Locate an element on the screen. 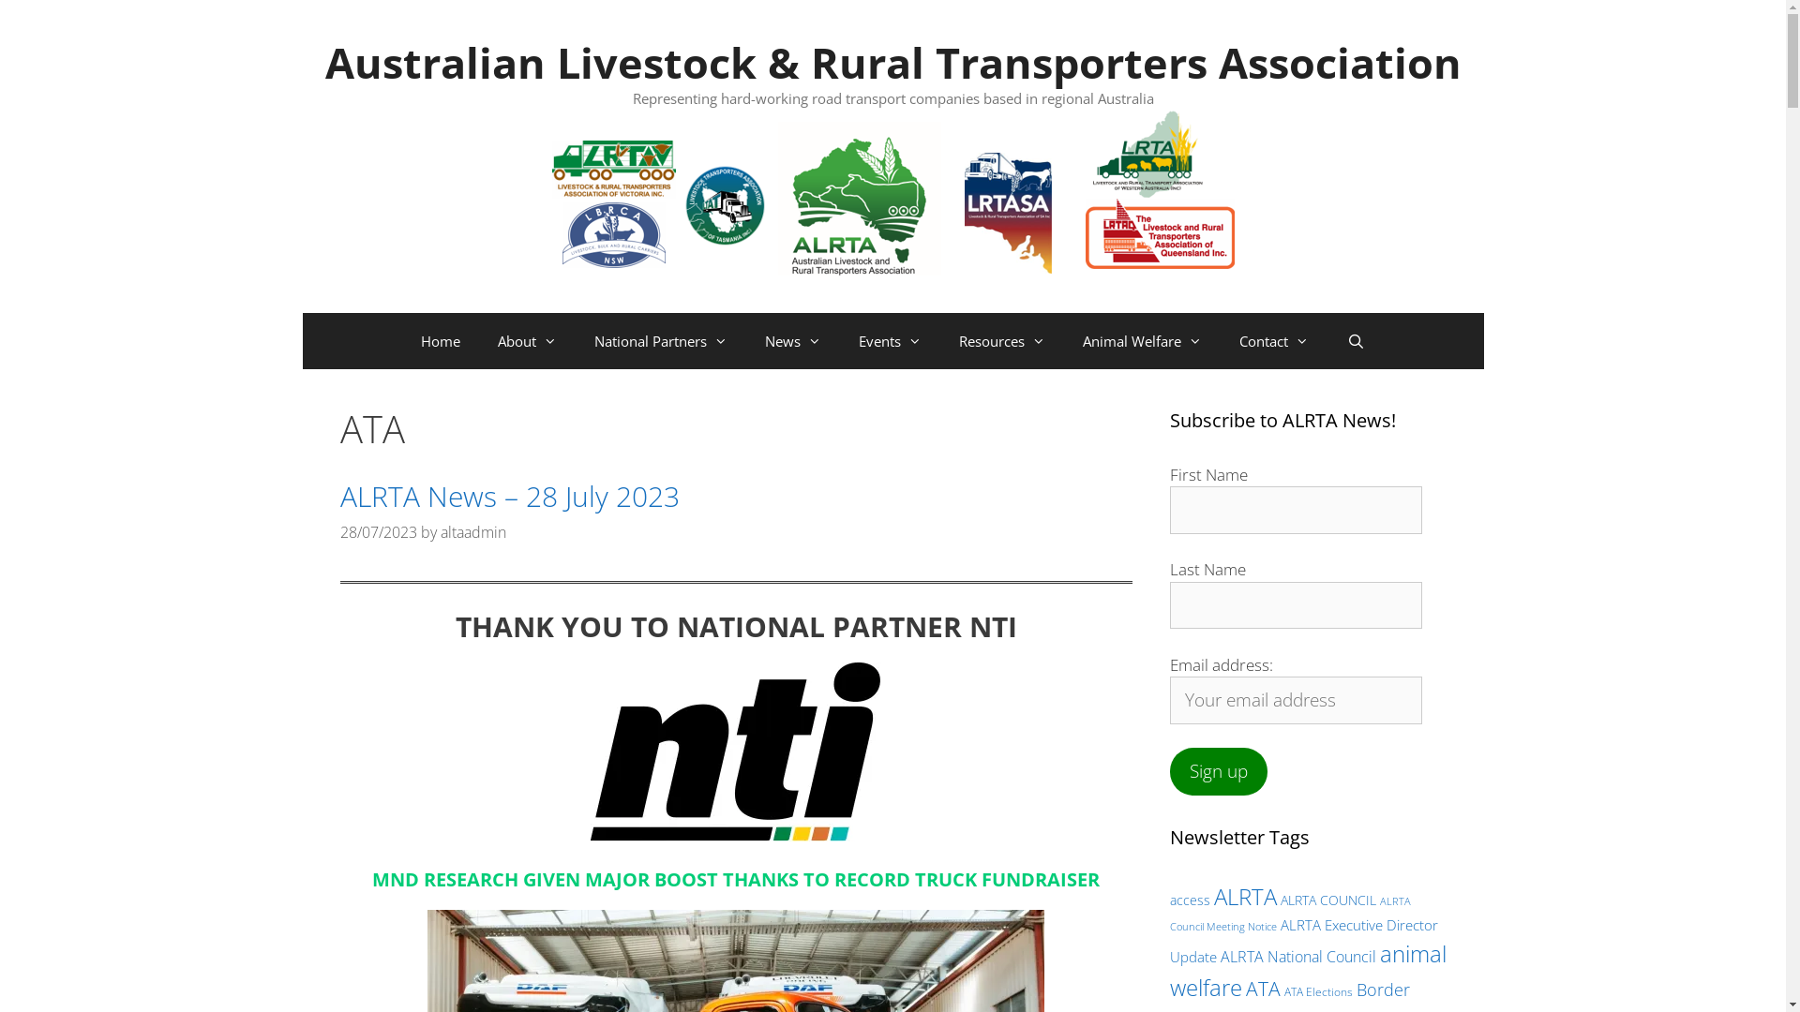 The image size is (1800, 1012). 'ALRTA' is located at coordinates (1244, 895).